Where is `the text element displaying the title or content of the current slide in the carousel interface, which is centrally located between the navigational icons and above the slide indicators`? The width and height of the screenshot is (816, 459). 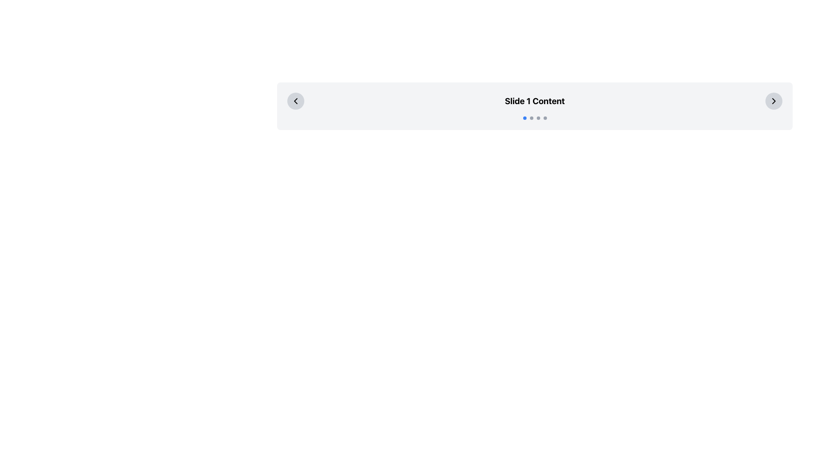 the text element displaying the title or content of the current slide in the carousel interface, which is centrally located between the navigational icons and above the slide indicators is located at coordinates (534, 101).